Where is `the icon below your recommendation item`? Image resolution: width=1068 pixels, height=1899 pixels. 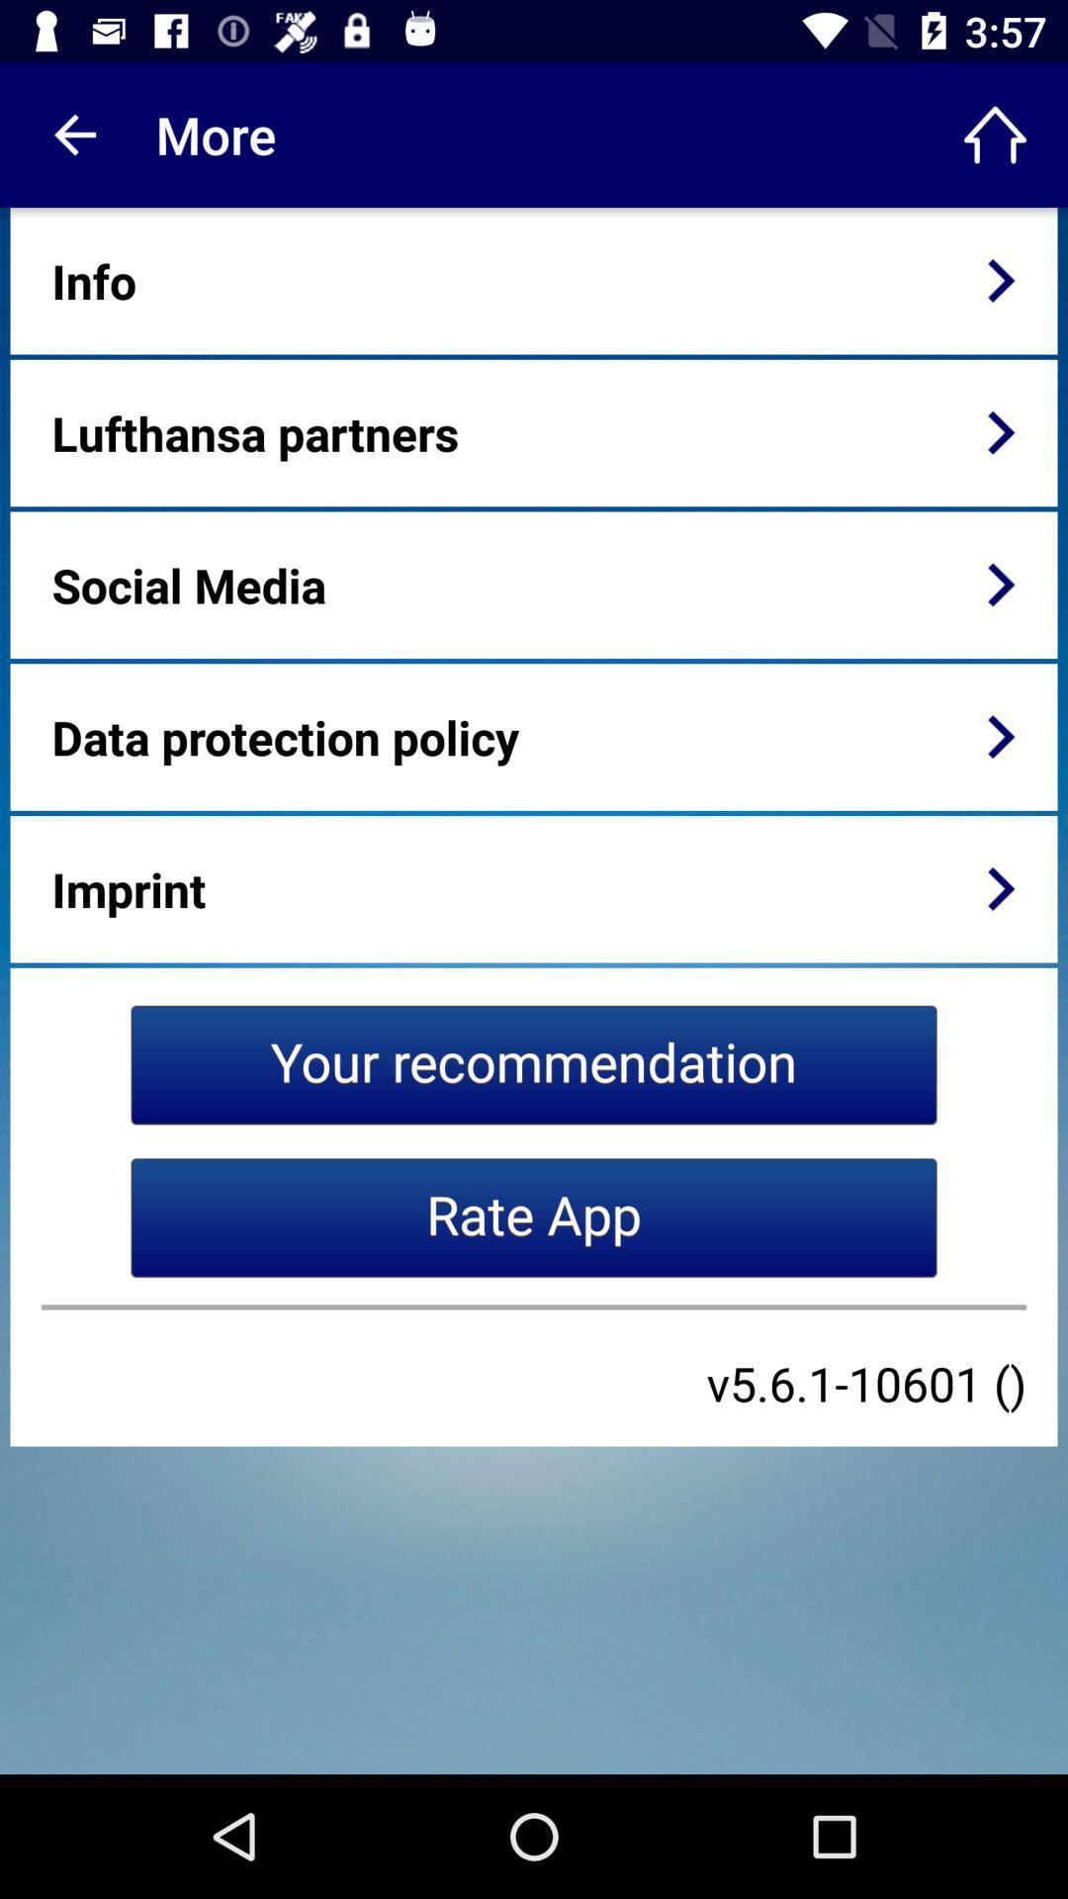
the icon below your recommendation item is located at coordinates (534, 1217).